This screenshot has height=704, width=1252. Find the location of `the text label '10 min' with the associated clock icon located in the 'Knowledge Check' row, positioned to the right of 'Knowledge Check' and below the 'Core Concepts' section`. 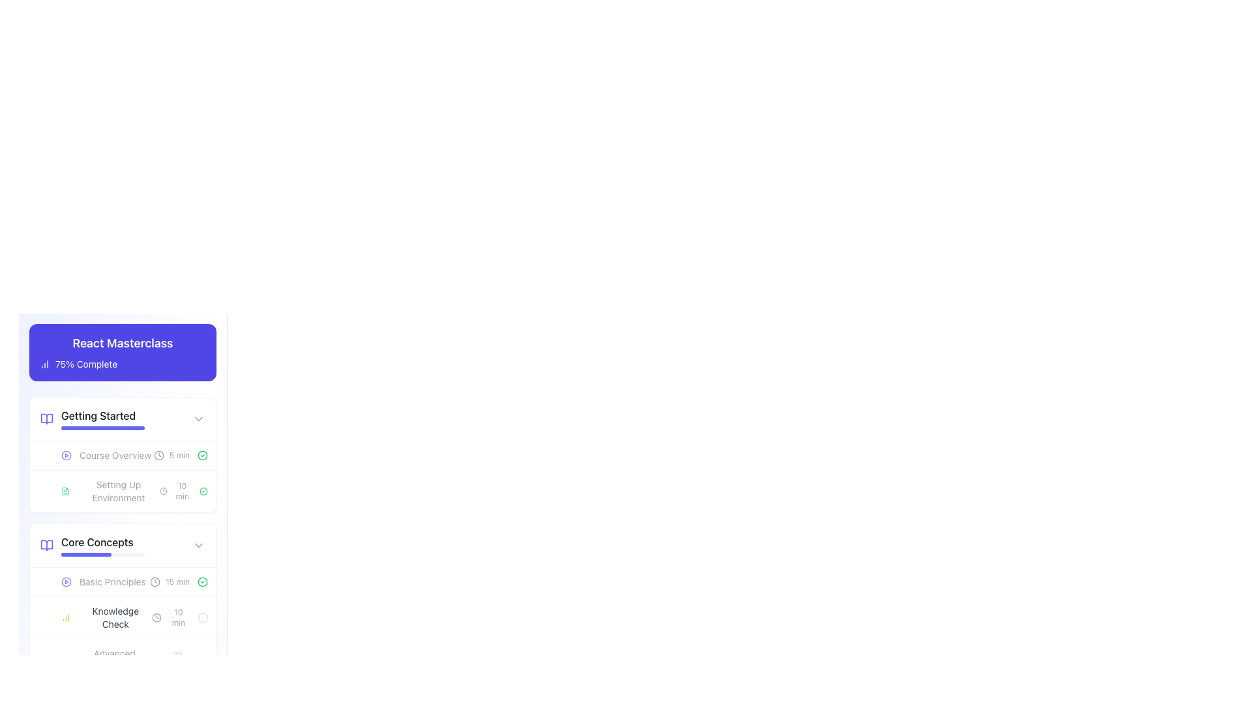

the text label '10 min' with the associated clock icon located in the 'Knowledge Check' row, positioned to the right of 'Knowledge Check' and below the 'Core Concepts' section is located at coordinates (179, 617).